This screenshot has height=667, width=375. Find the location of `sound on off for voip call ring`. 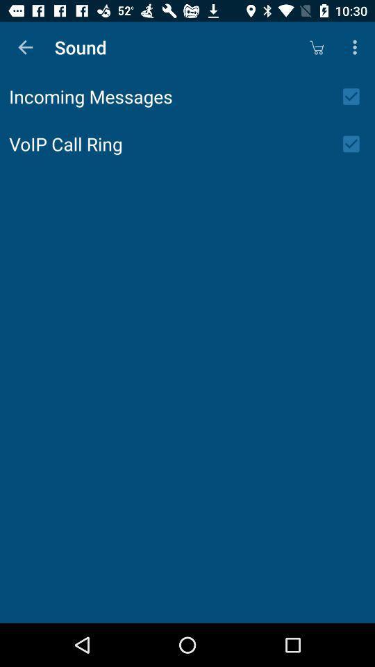

sound on off for voip call ring is located at coordinates (356, 144).